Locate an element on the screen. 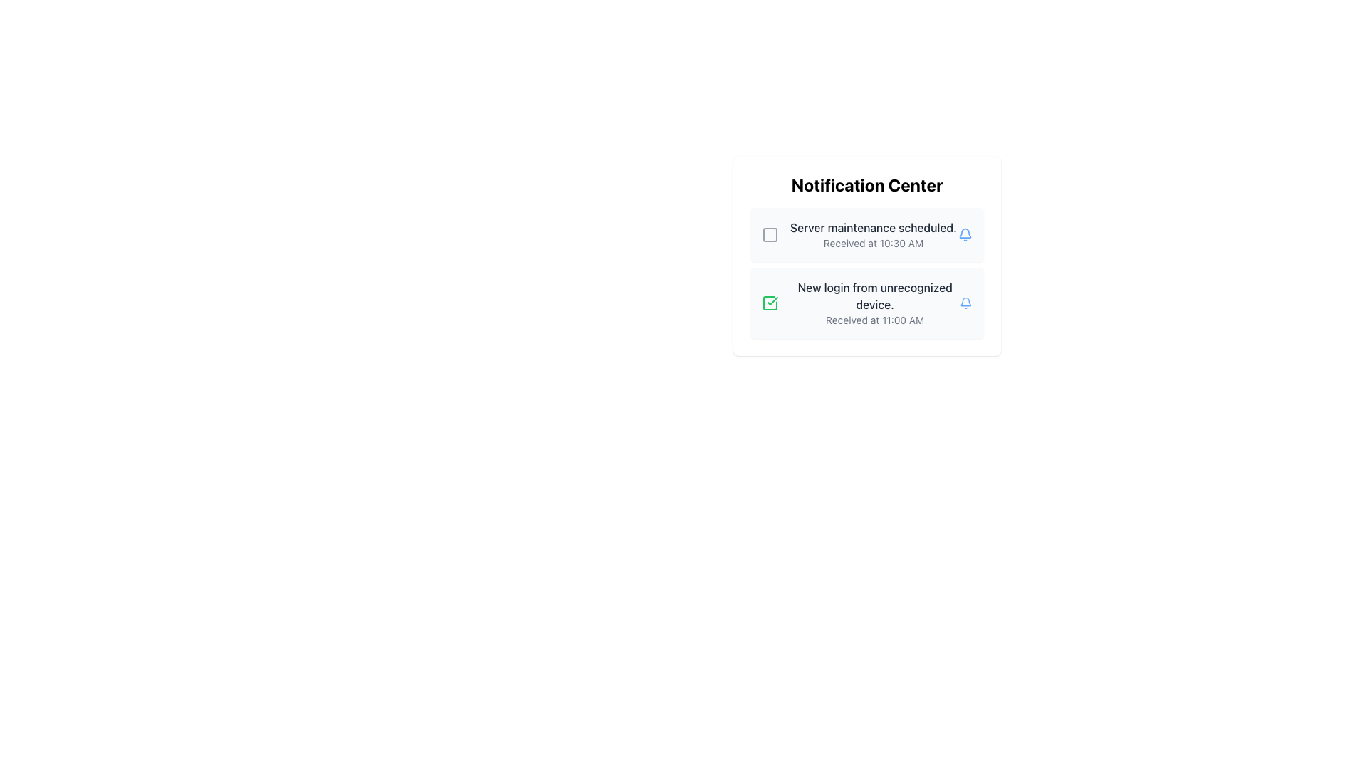  the bell icon in the Notification Center is located at coordinates (966, 301).